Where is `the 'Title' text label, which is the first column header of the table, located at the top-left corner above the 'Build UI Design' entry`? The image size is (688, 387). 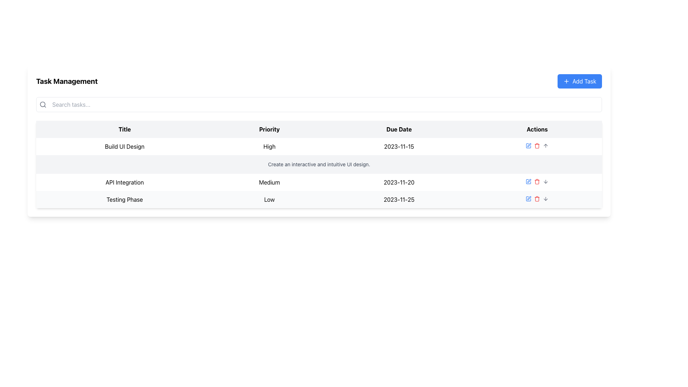
the 'Title' text label, which is the first column header of the table, located at the top-left corner above the 'Build UI Design' entry is located at coordinates (125, 129).